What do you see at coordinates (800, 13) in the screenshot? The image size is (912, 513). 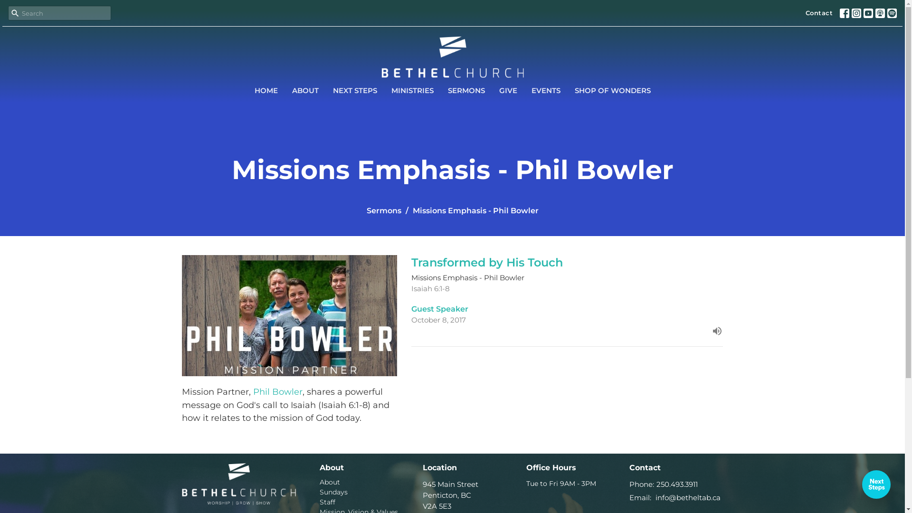 I see `'Contact'` at bounding box center [800, 13].